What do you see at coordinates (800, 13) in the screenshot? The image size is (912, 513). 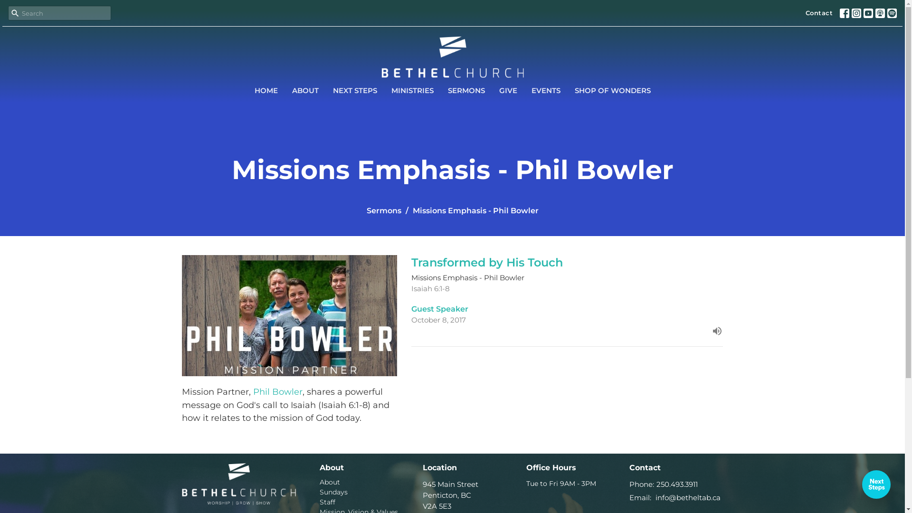 I see `'Contact'` at bounding box center [800, 13].